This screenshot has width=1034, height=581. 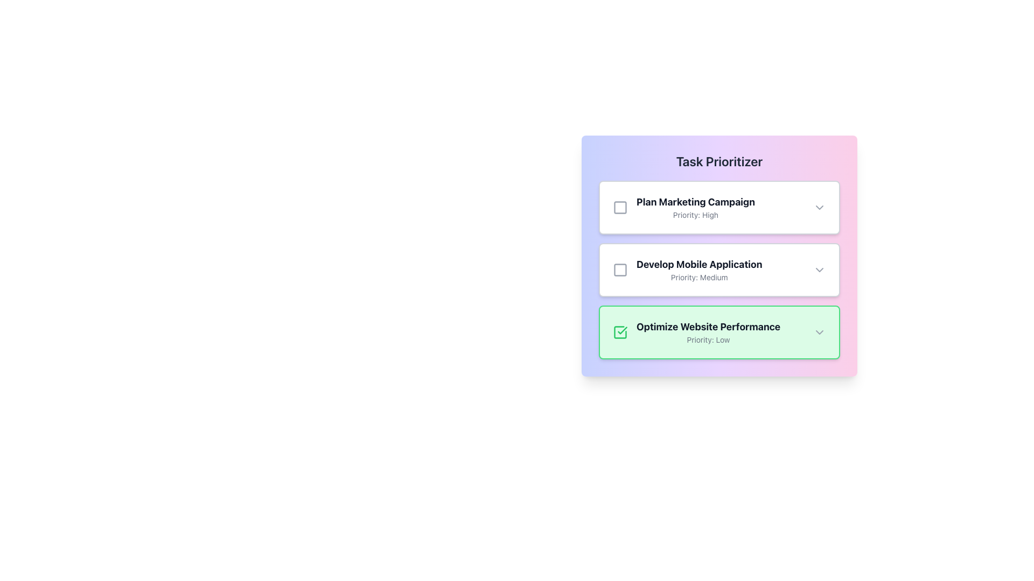 I want to click on to select the ListItem for 'Plan Marketing Campaign', which is the topmost entry in the task prioritizer interface, so click(x=713, y=207).